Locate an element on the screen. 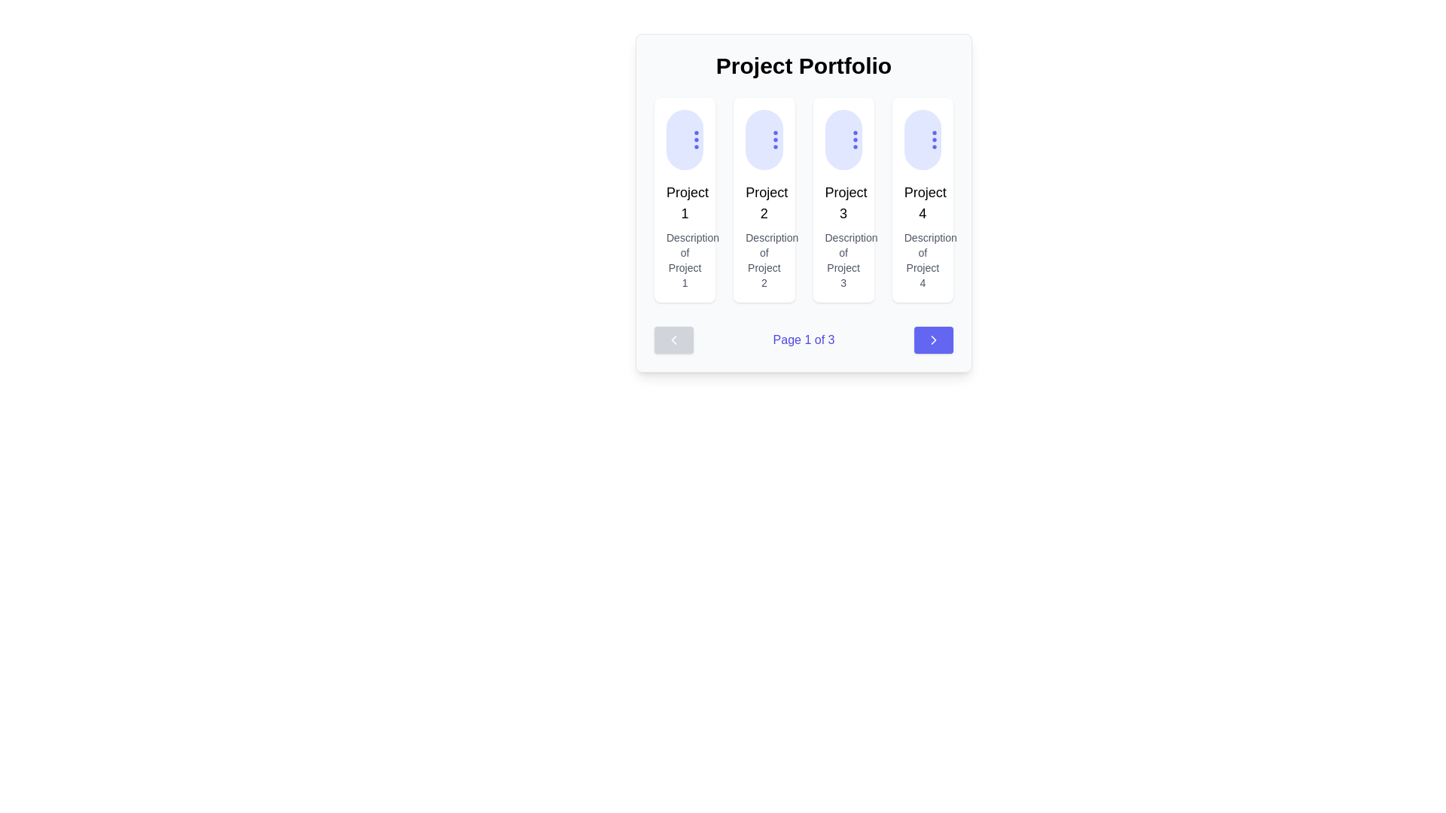 The height and width of the screenshot is (813, 1446). the chevron icon is located at coordinates (932, 340).